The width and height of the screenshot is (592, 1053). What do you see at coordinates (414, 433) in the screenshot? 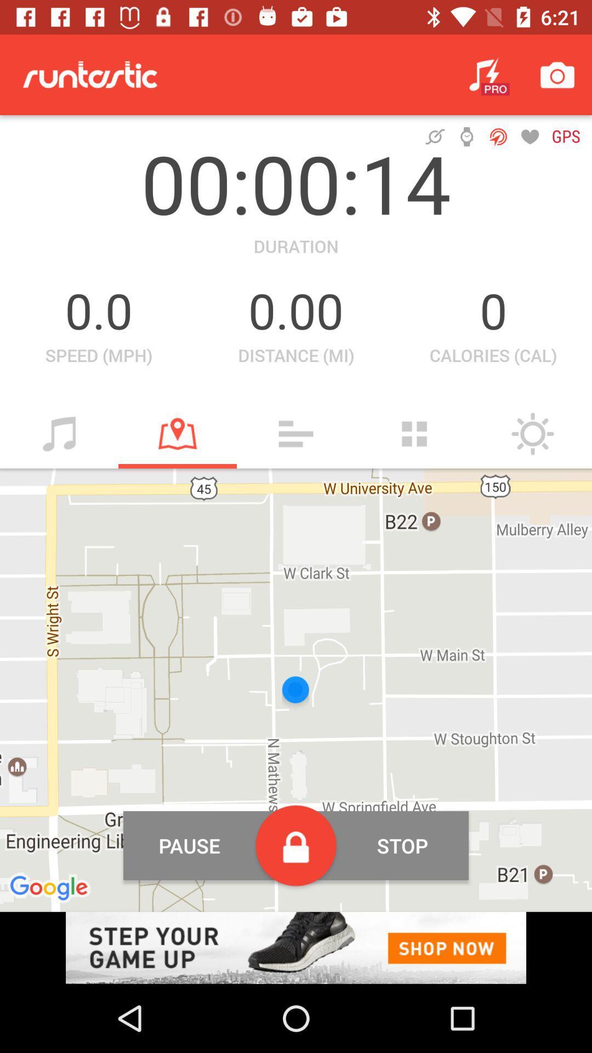
I see `grid view` at bounding box center [414, 433].